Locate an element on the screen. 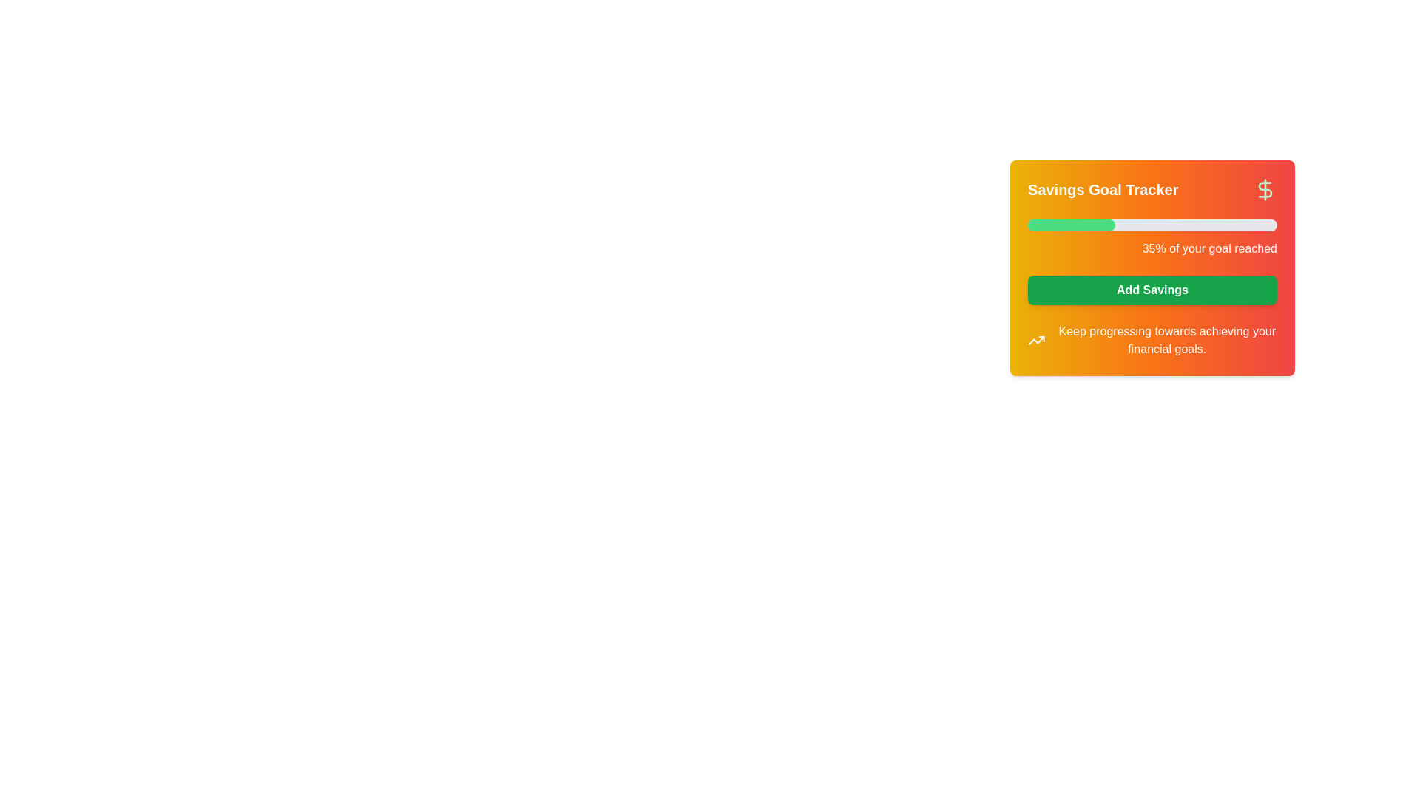  the text label displaying '35% of your goal reached', which is aligned to the right and located below a progress bar in the 'Savings Goal Tracker' interface is located at coordinates (1152, 248).